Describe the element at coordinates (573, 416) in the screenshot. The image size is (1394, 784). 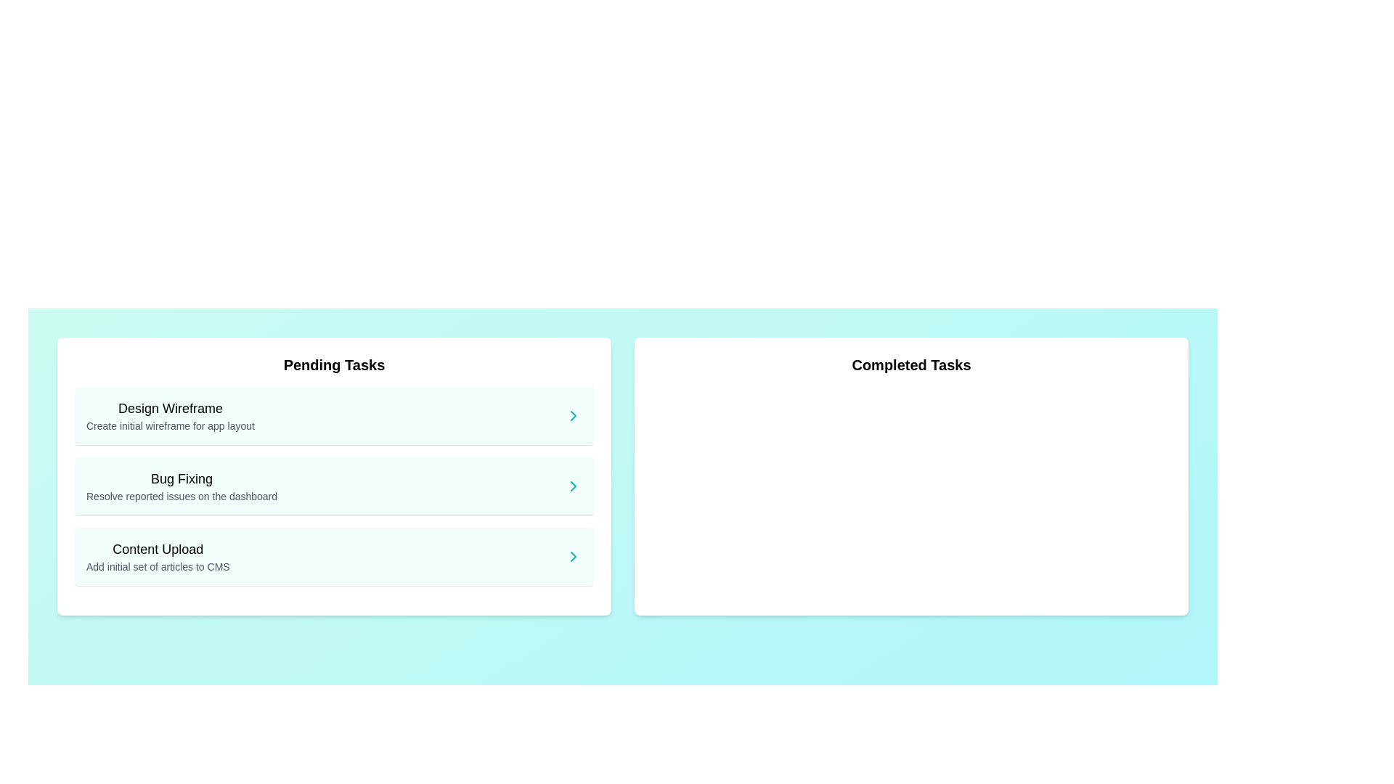
I see `the chevron icon button located at the far right end of the 'Design Wireframe' task panel to change its color` at that location.